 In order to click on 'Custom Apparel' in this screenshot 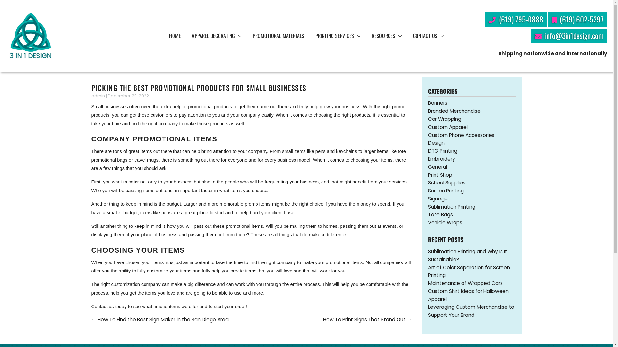, I will do `click(447, 127)`.